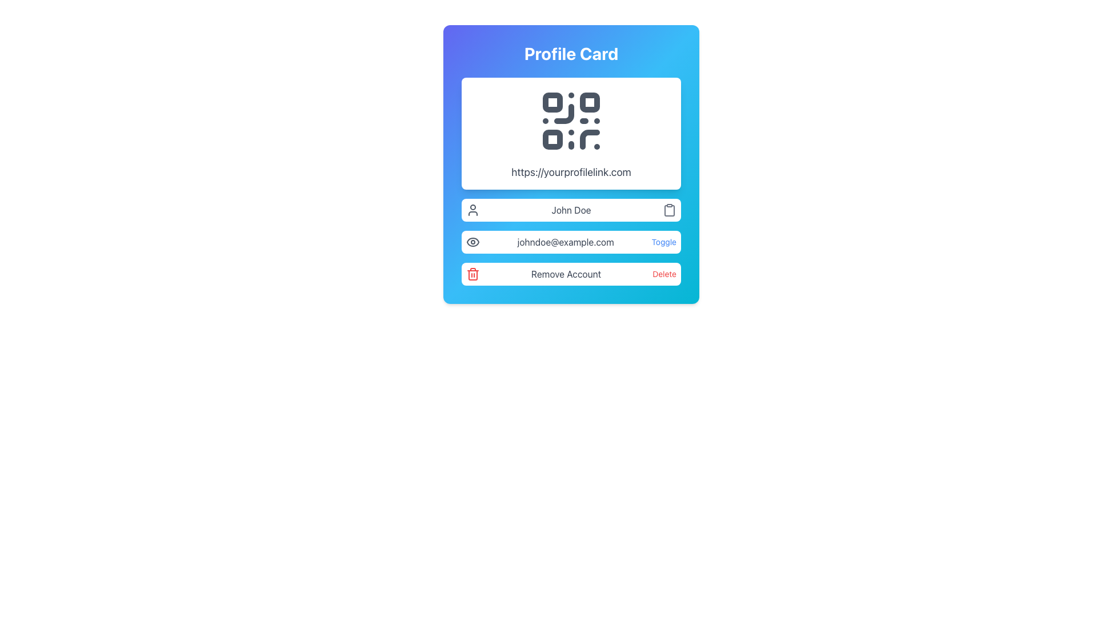 The width and height of the screenshot is (1097, 617). I want to click on the clipboard icon button located next to the 'John Doe' profile name to copy information, so click(669, 210).